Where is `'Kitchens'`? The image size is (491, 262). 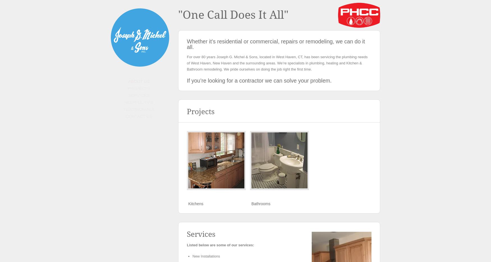 'Kitchens' is located at coordinates (196, 203).